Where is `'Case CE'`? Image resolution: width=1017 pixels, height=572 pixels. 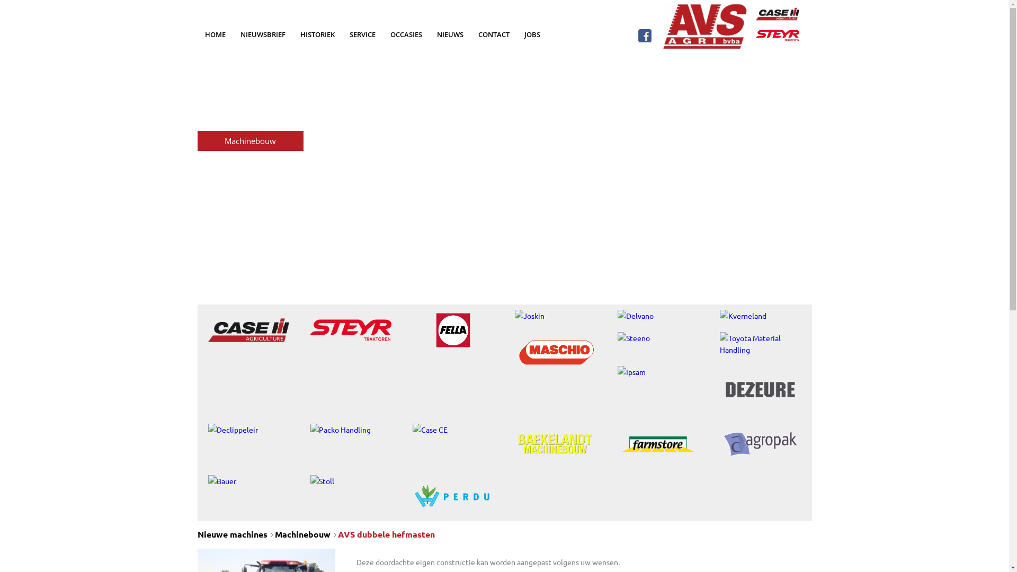 'Case CE' is located at coordinates (453, 429).